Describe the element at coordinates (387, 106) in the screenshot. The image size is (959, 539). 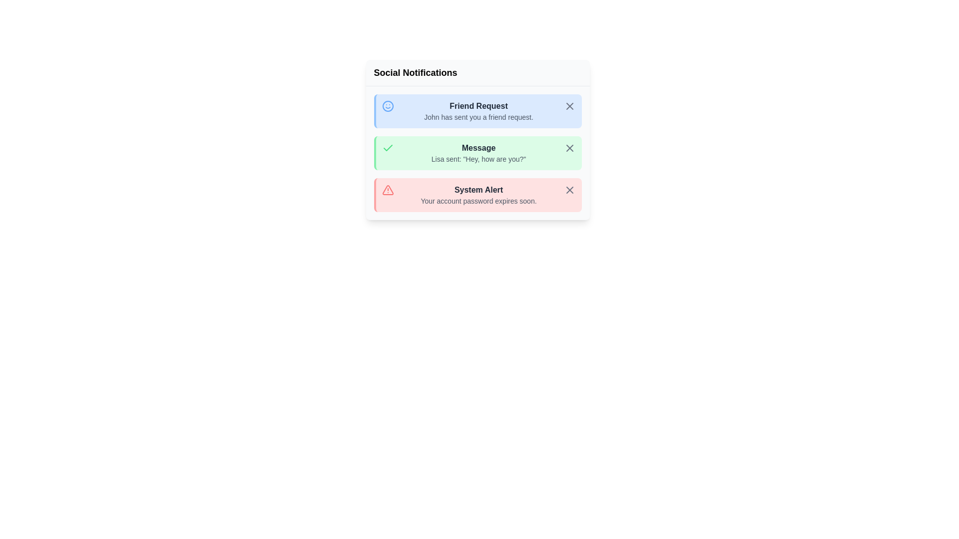
I see `the SVG element representing the blue smiley face icon located to the left of the 'Friend Request' text in the first notification block of the 'Social Notifications' panel` at that location.